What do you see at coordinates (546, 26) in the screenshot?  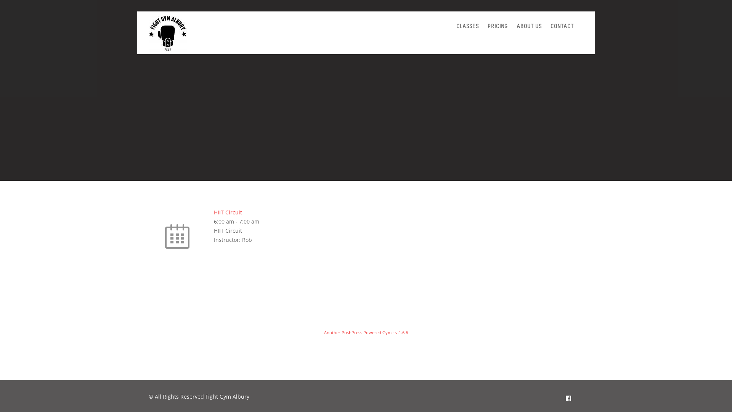 I see `'CONTACT'` at bounding box center [546, 26].